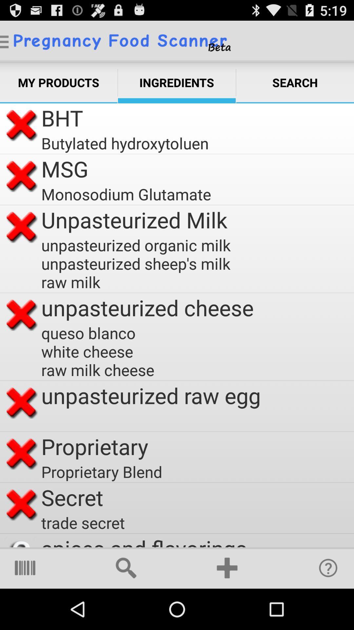 This screenshot has height=630, width=354. What do you see at coordinates (125, 143) in the screenshot?
I see `butylated hydroxytoluen app` at bounding box center [125, 143].